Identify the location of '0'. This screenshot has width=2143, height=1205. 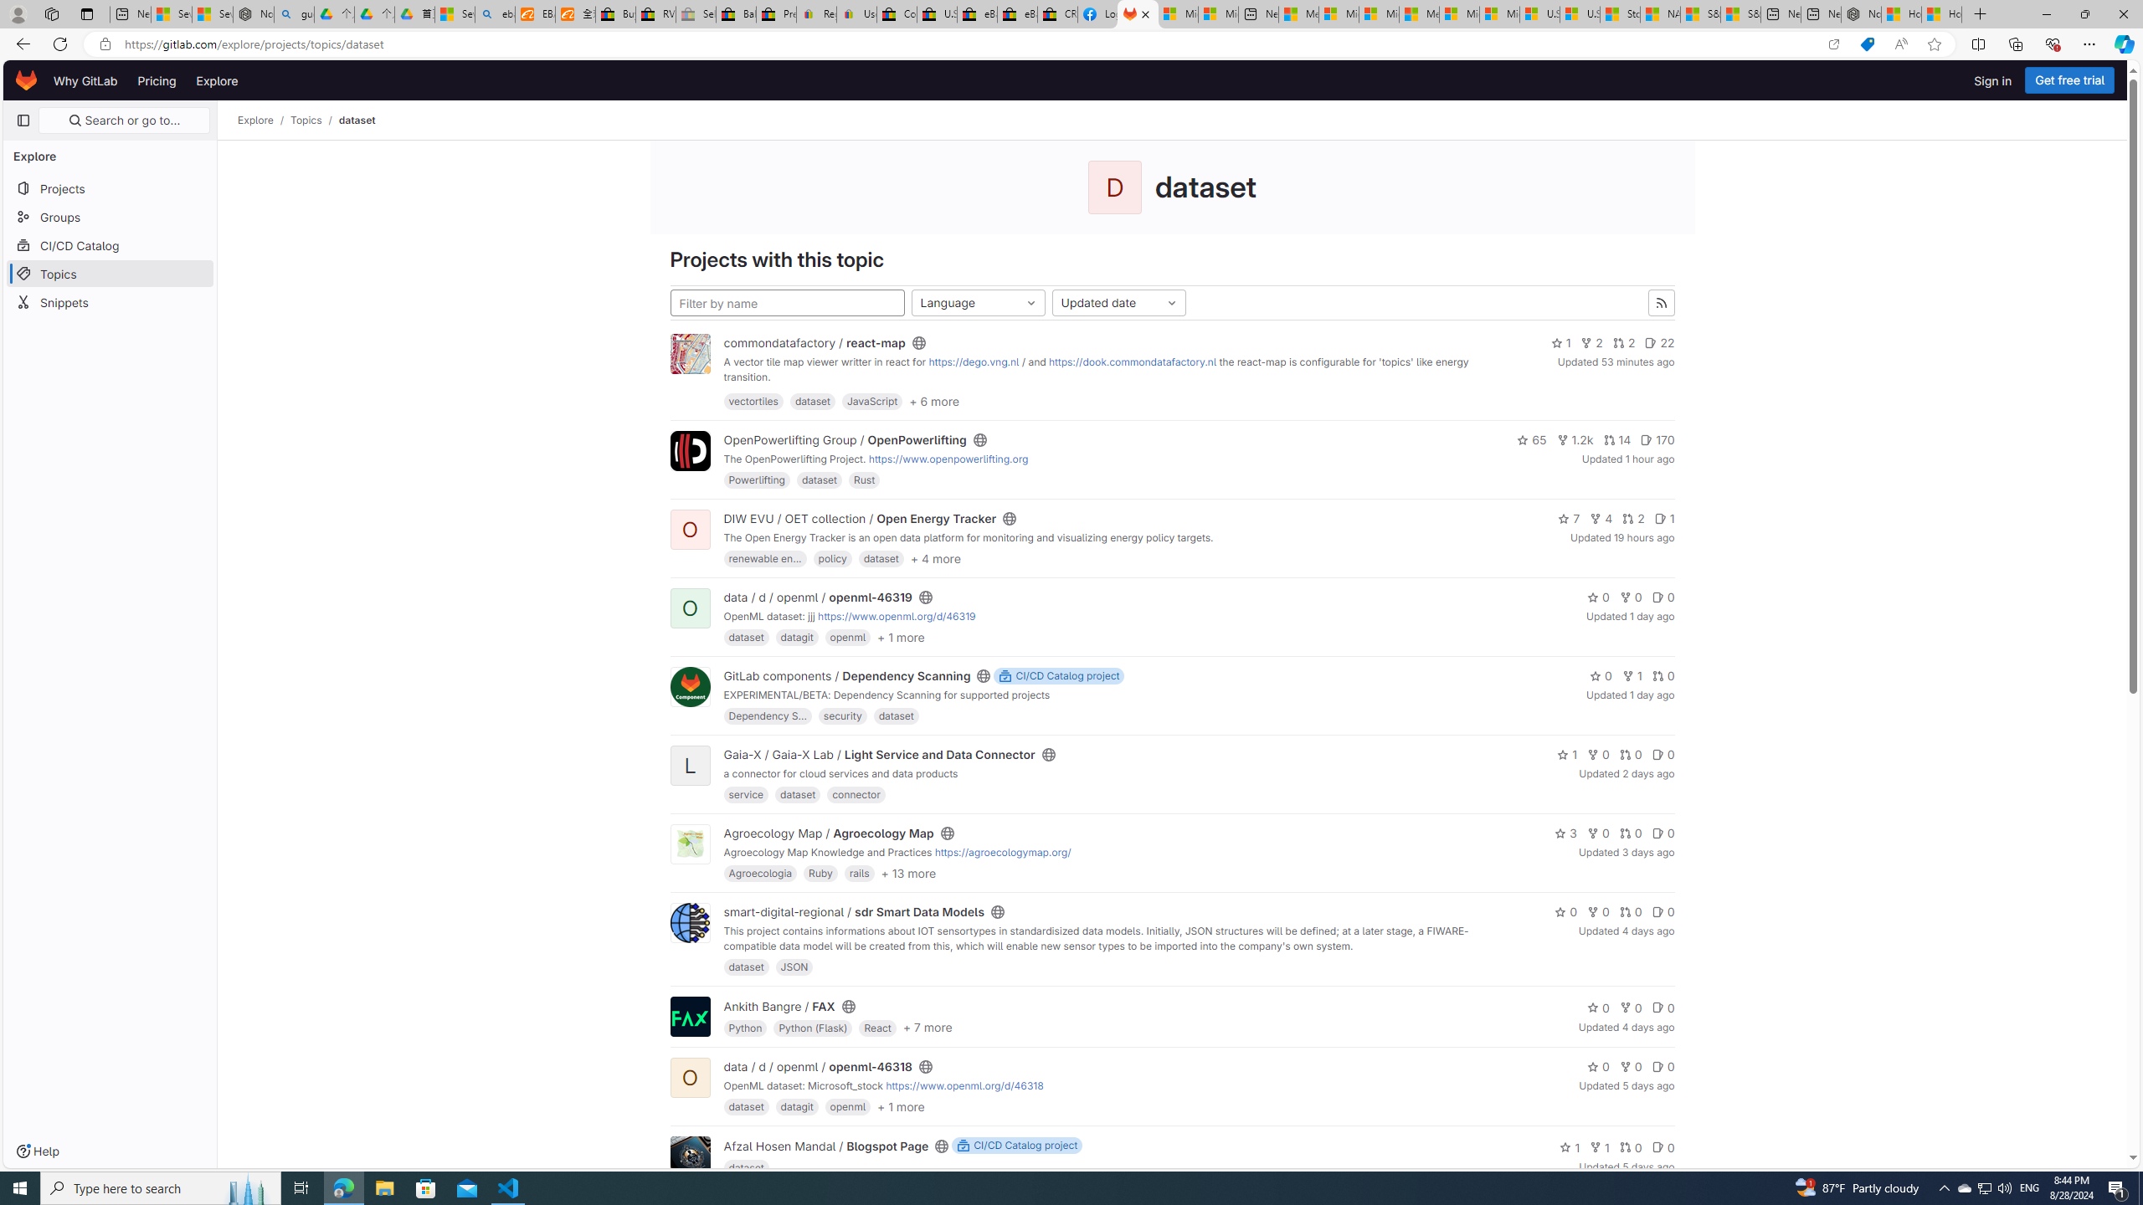
(1662, 1146).